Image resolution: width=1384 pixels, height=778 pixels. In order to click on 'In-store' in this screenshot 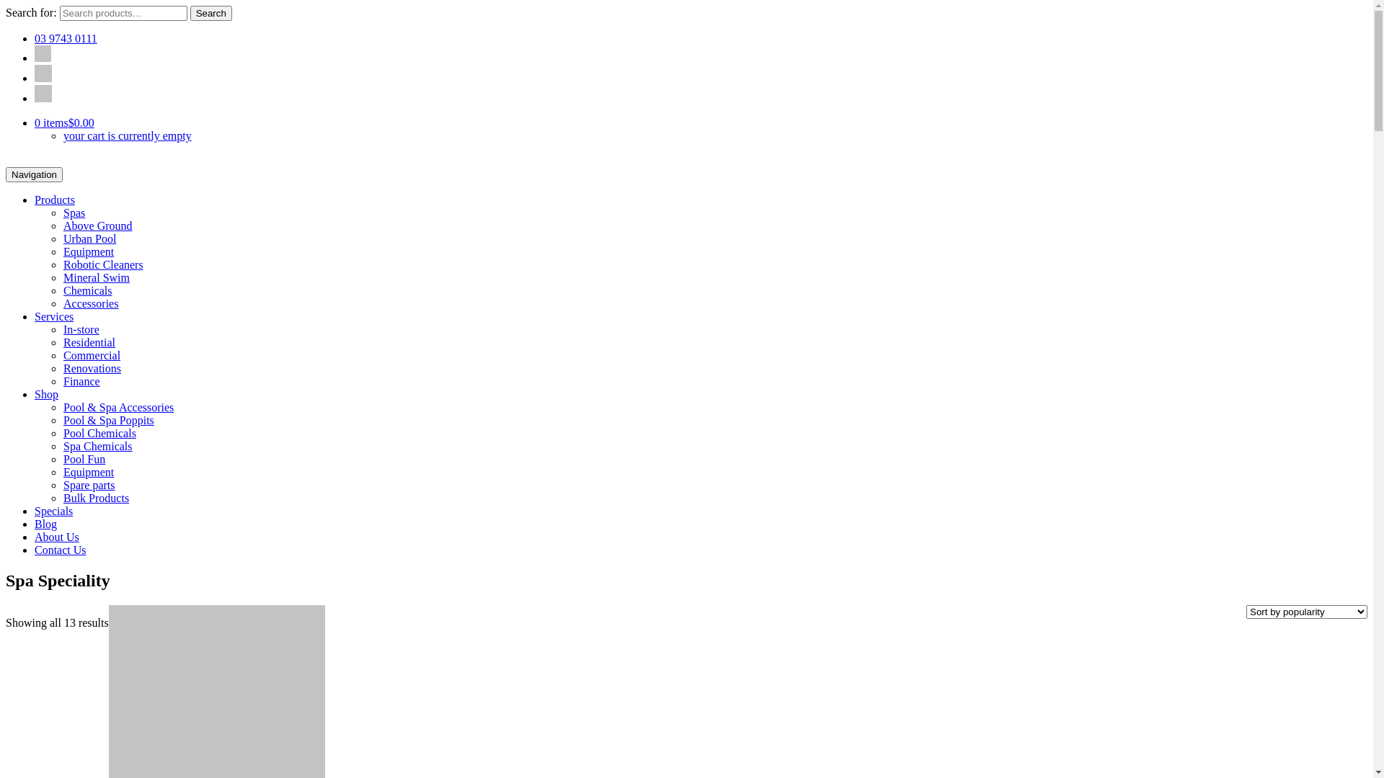, I will do `click(81, 329)`.